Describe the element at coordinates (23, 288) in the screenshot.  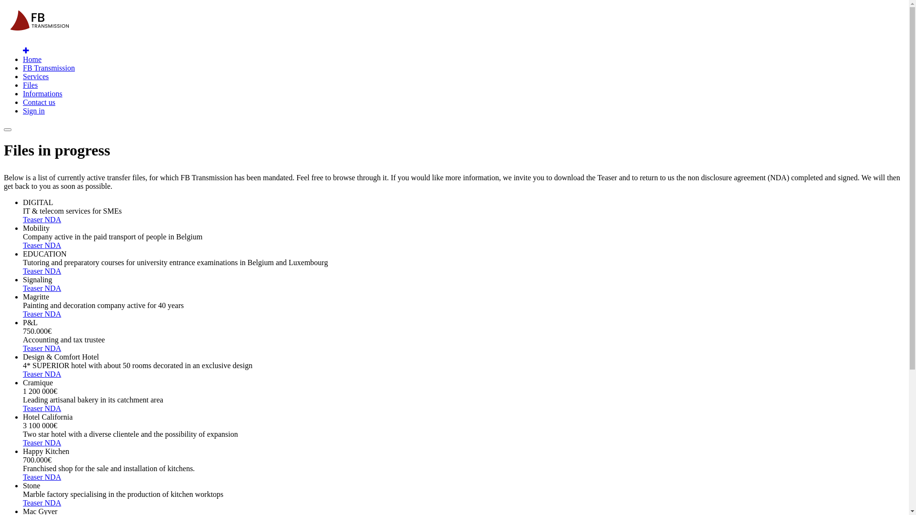
I see `'Teaser'` at that location.